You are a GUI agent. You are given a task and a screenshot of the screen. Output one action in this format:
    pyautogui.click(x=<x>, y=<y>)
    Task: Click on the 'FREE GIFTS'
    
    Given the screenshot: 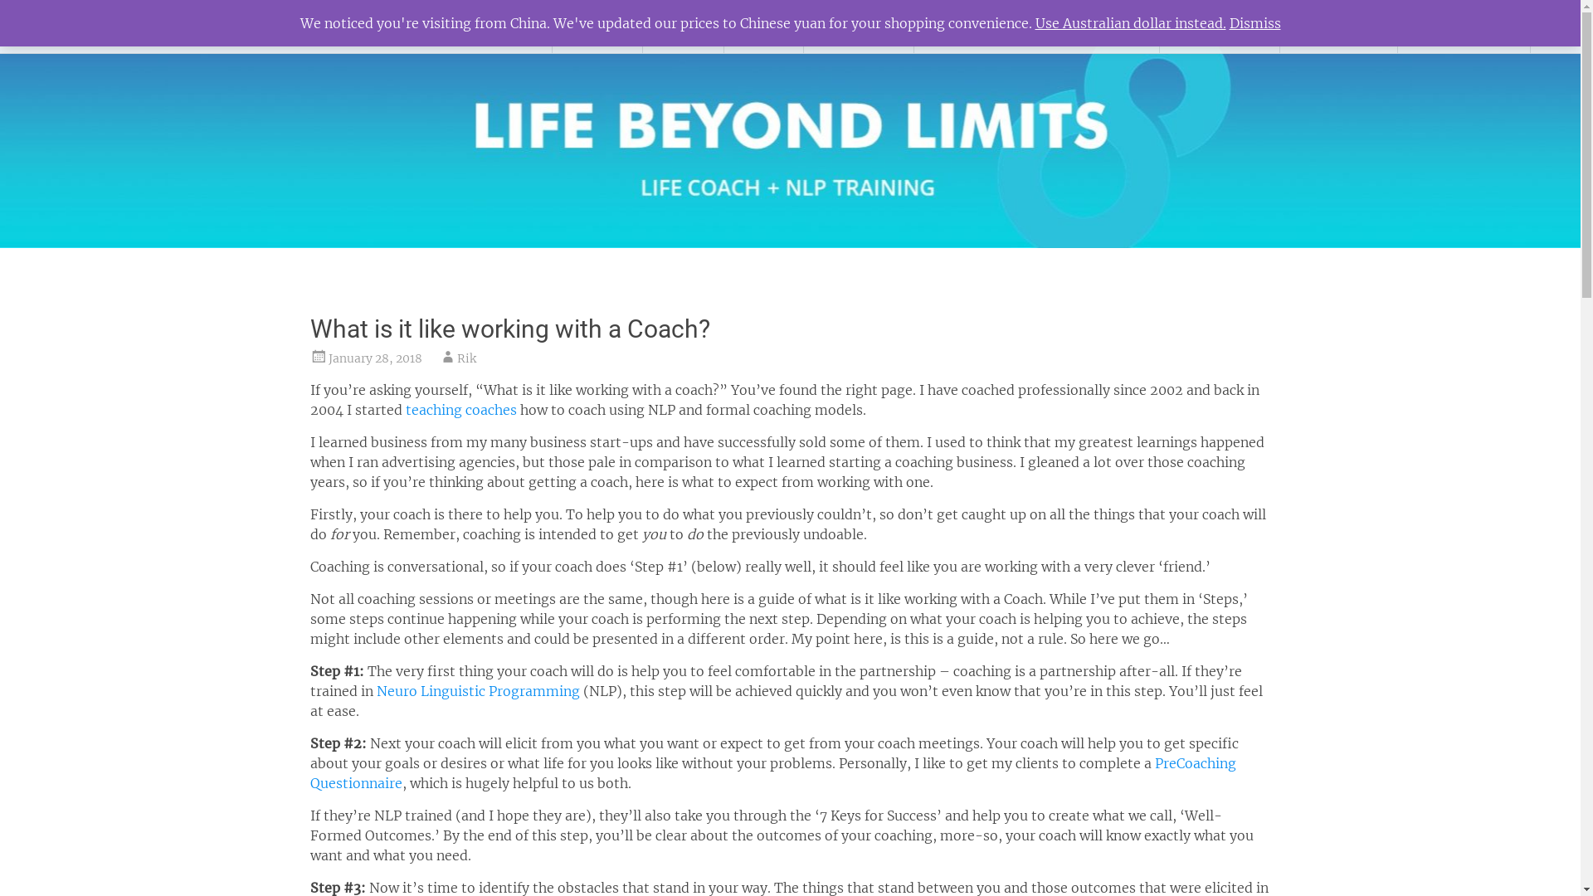 What is the action you would take?
    pyautogui.click(x=1219, y=26)
    